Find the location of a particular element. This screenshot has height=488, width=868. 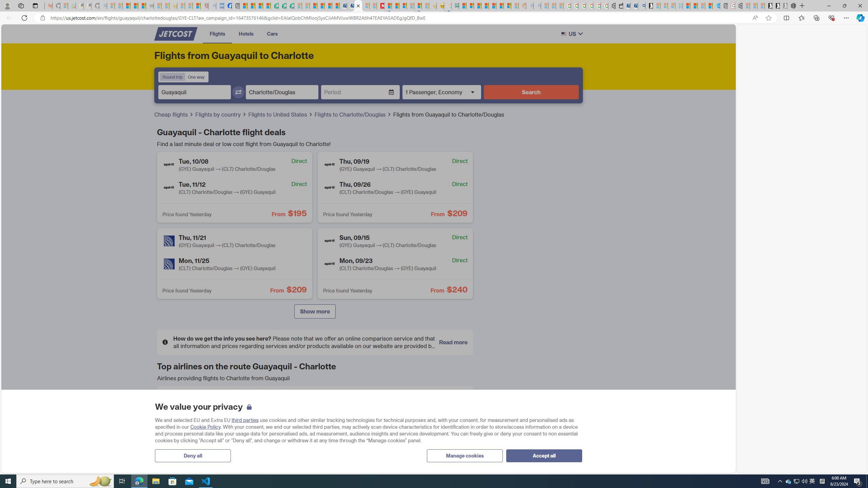

'Search' is located at coordinates (531, 92).